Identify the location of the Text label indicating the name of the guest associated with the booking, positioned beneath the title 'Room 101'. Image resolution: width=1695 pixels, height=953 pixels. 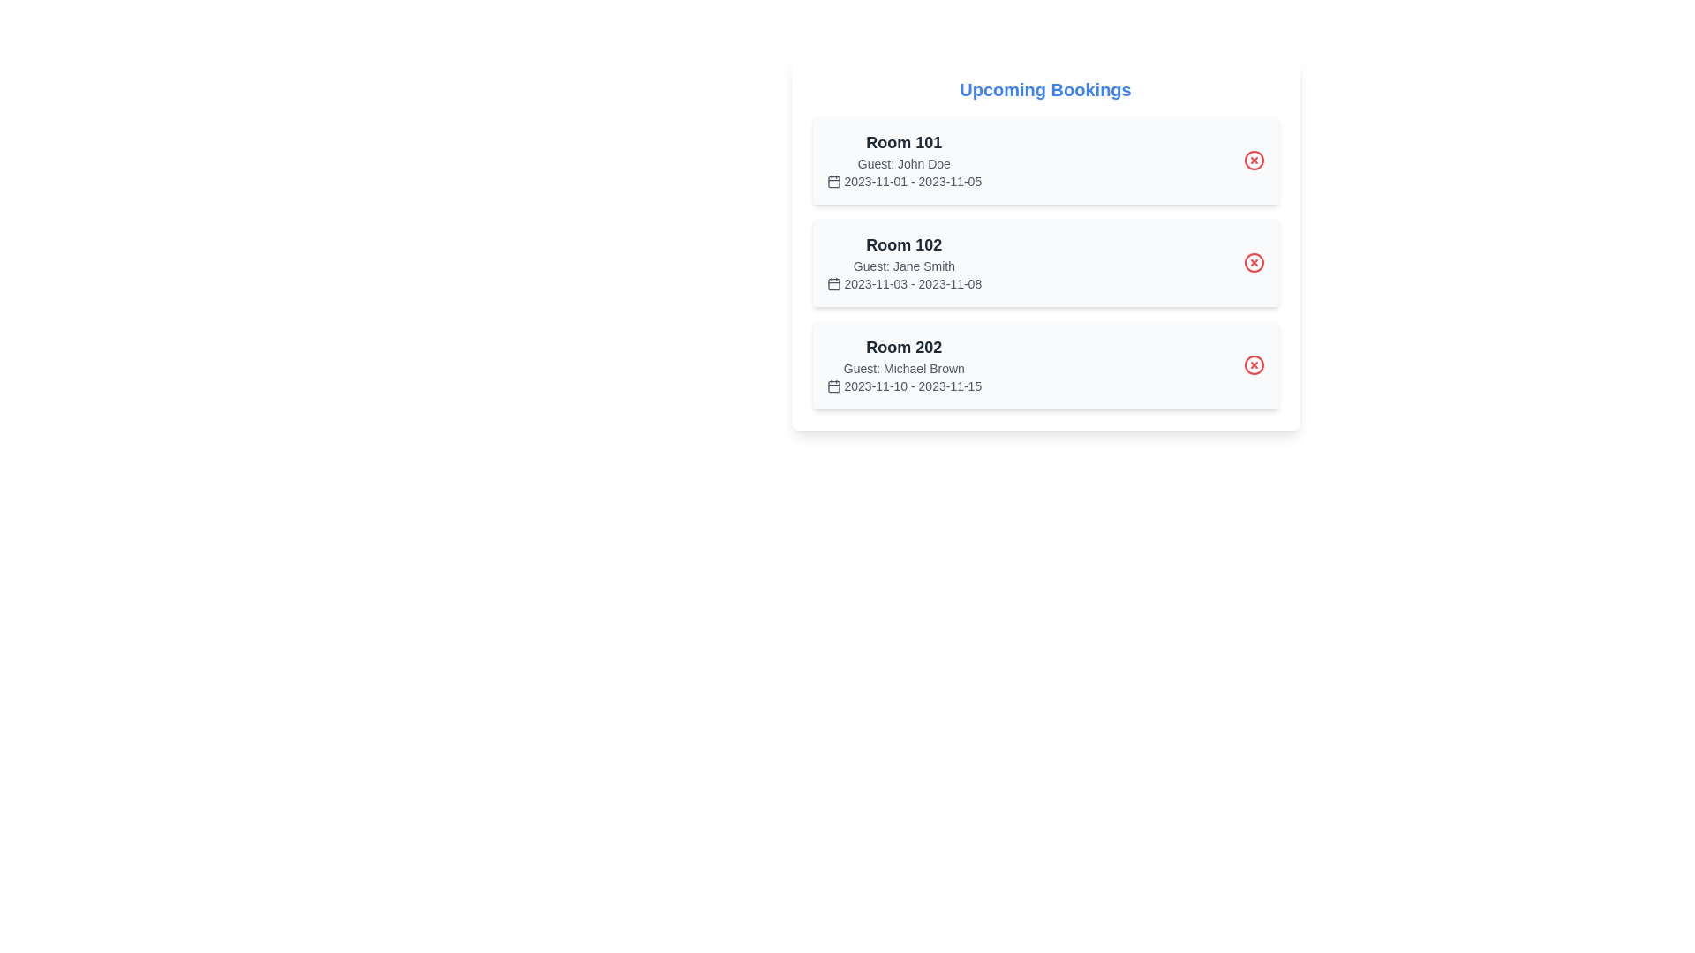
(904, 163).